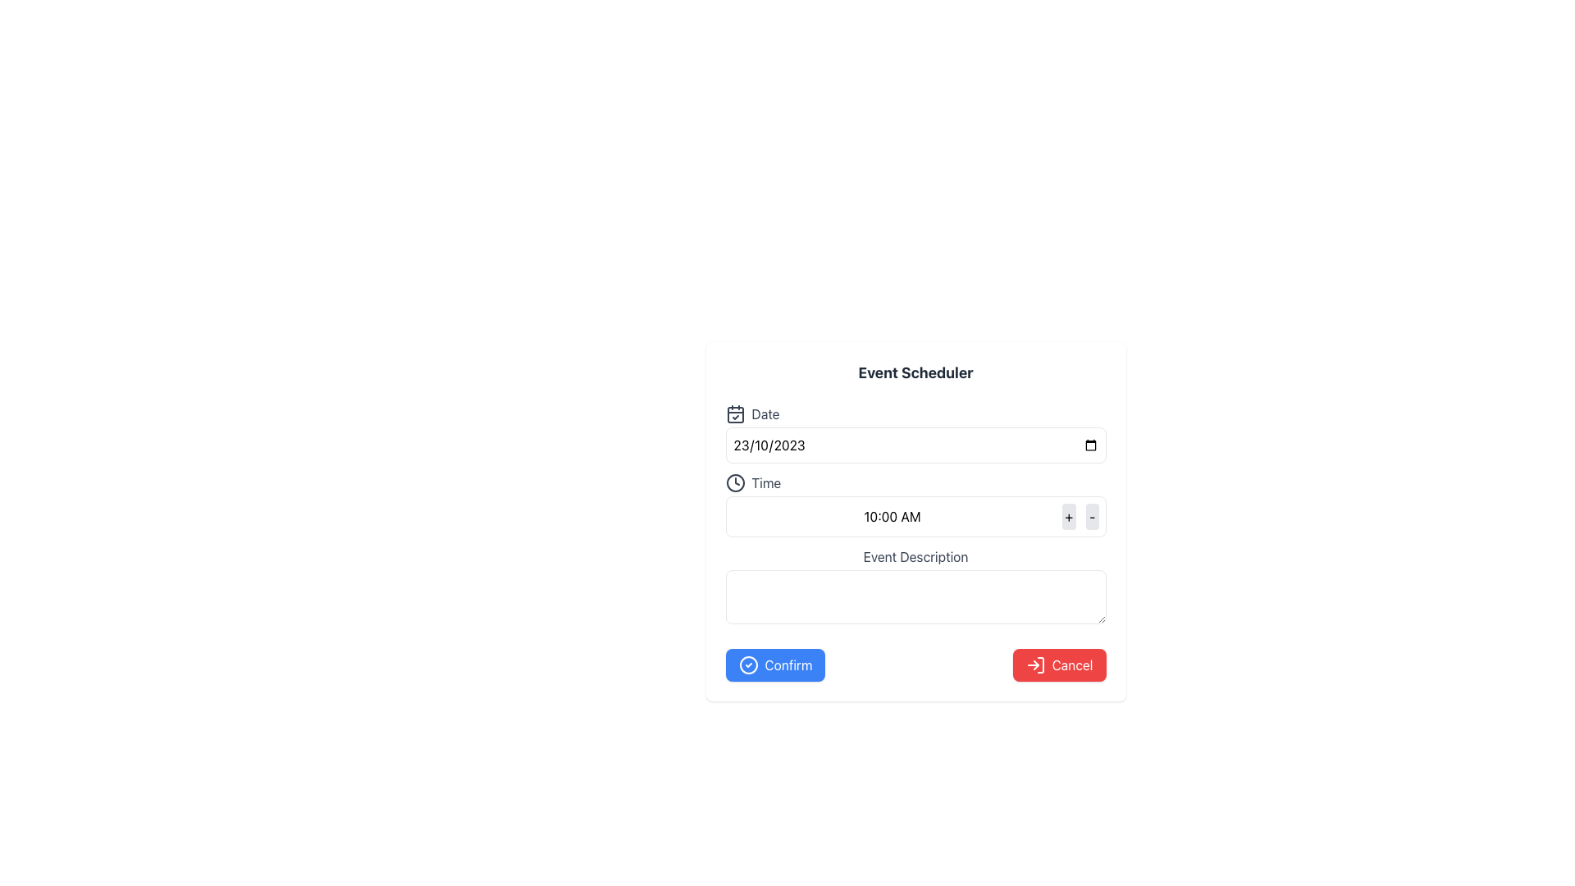 The width and height of the screenshot is (1575, 886). I want to click on the 'Cancel' button which has a bright red background and white text, featuring an arrow icon pointing to the right, so click(1059, 664).